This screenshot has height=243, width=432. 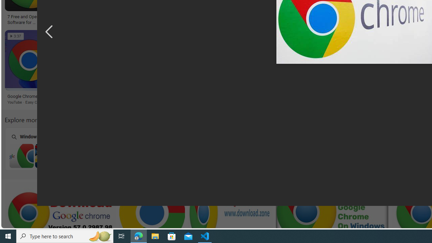 I want to click on '7 Free and Open Source Software for Windows PC | HubPages', so click(x=30, y=19).